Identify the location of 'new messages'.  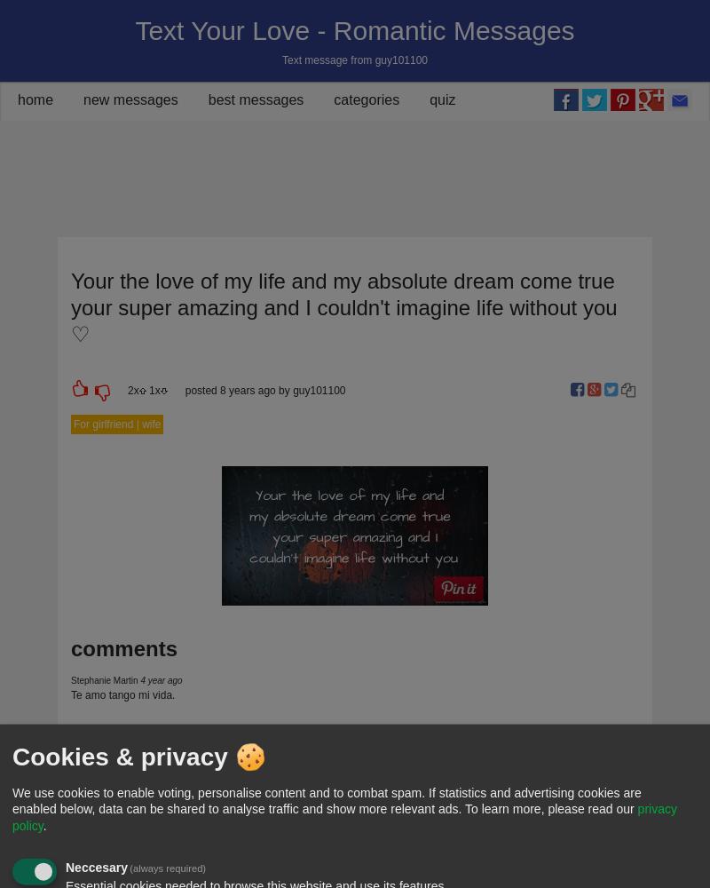
(83, 99).